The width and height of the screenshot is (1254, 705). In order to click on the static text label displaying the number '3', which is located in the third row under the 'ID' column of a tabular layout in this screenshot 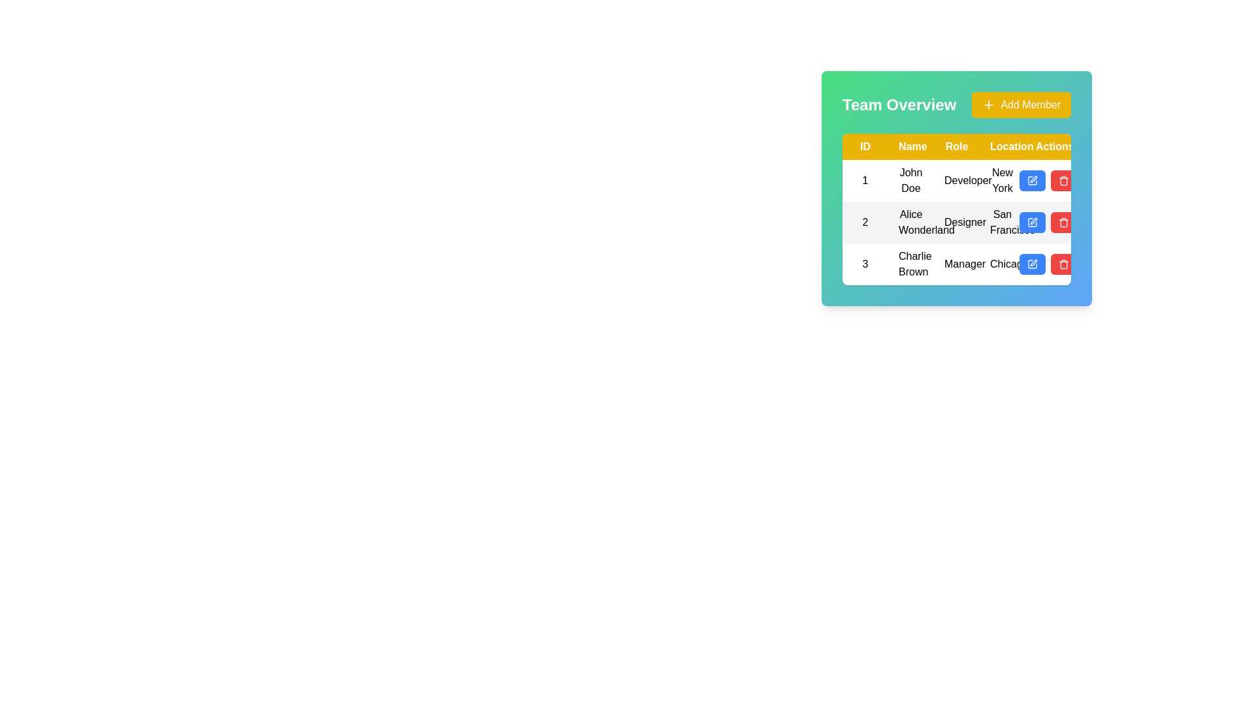, I will do `click(865, 264)`.